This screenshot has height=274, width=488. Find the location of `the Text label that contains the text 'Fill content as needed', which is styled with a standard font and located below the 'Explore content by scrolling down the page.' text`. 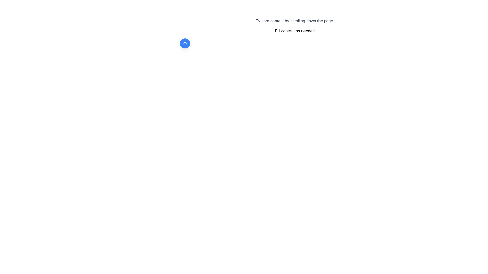

the Text label that contains the text 'Fill content as needed', which is styled with a standard font and located below the 'Explore content by scrolling down the page.' text is located at coordinates (295, 31).